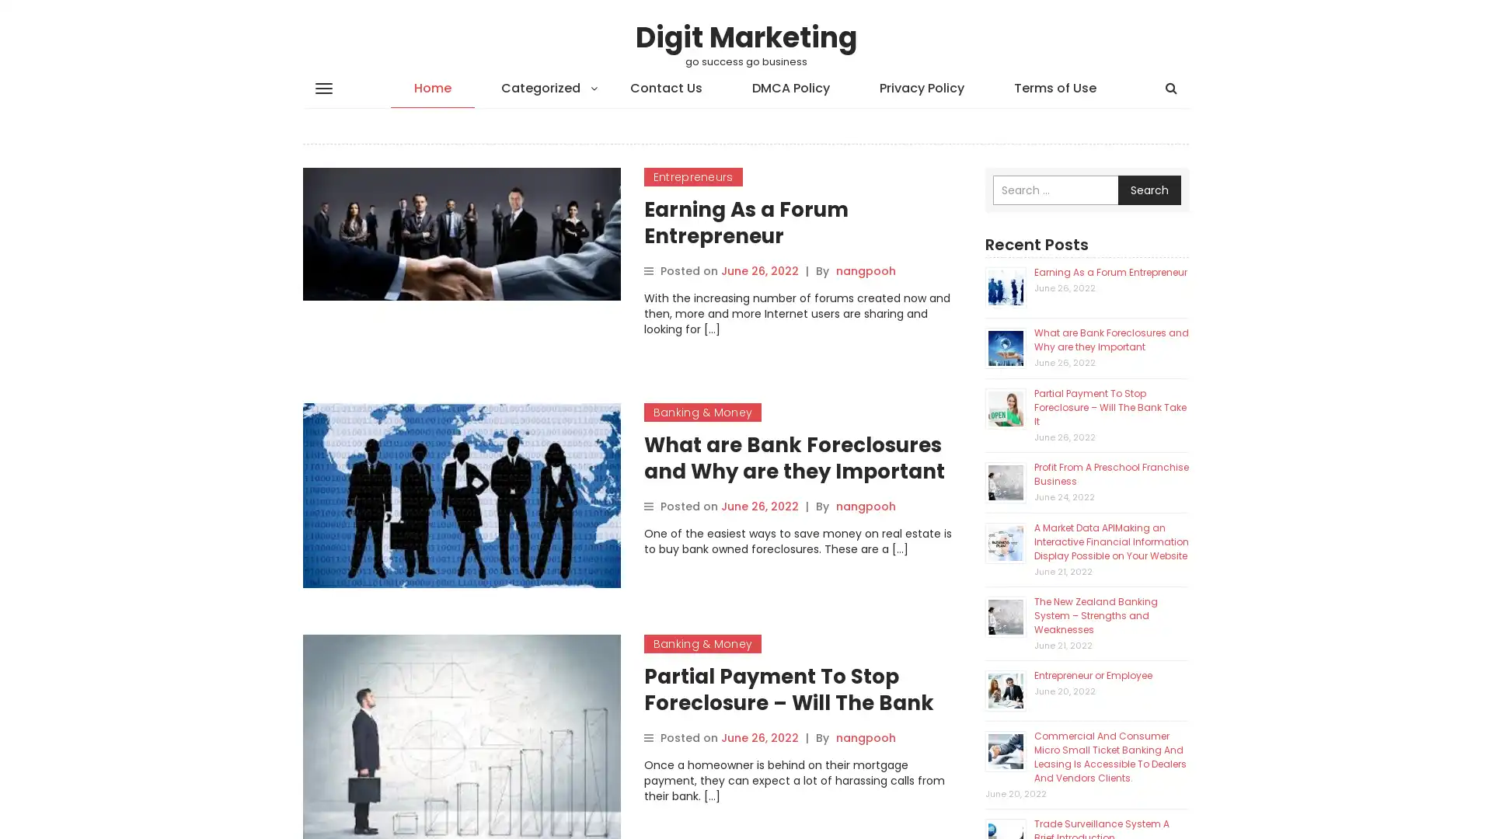 The height and width of the screenshot is (839, 1492). I want to click on Search, so click(1149, 190).